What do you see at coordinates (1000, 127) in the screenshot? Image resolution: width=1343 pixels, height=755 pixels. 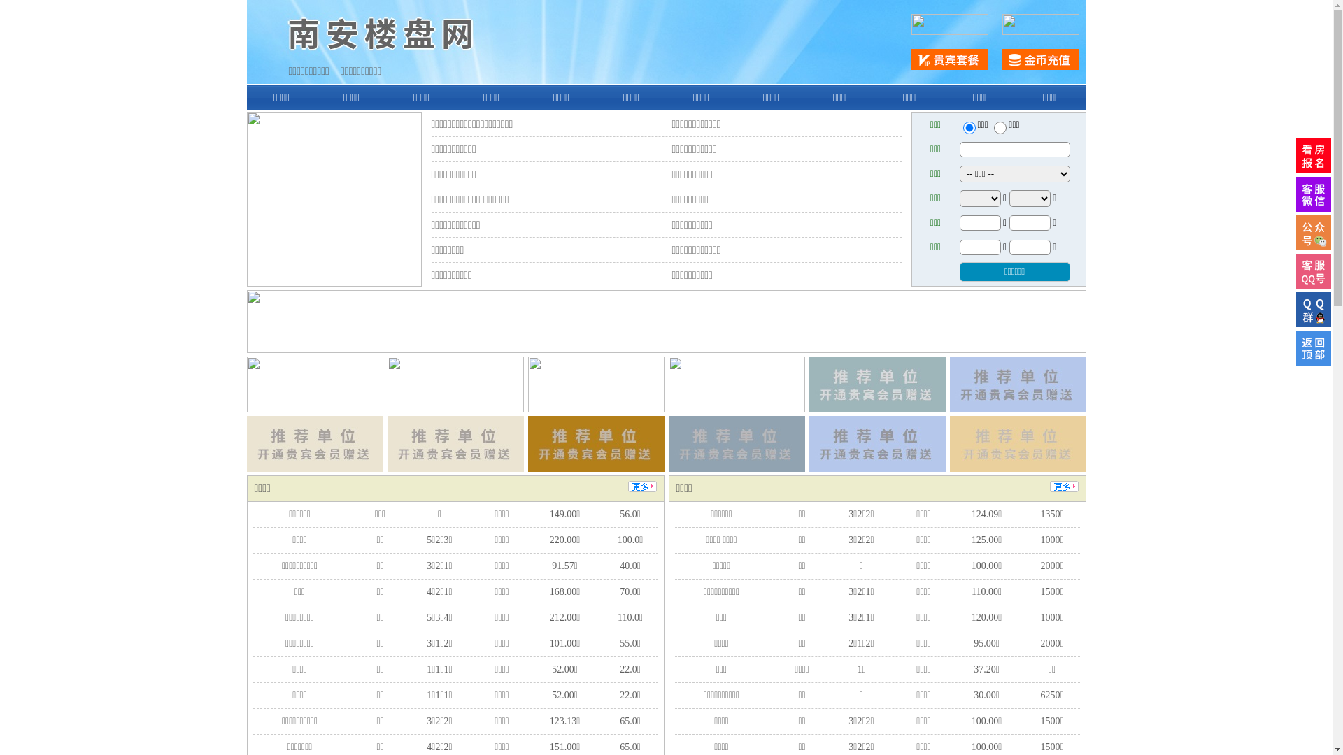 I see `'chuzu'` at bounding box center [1000, 127].